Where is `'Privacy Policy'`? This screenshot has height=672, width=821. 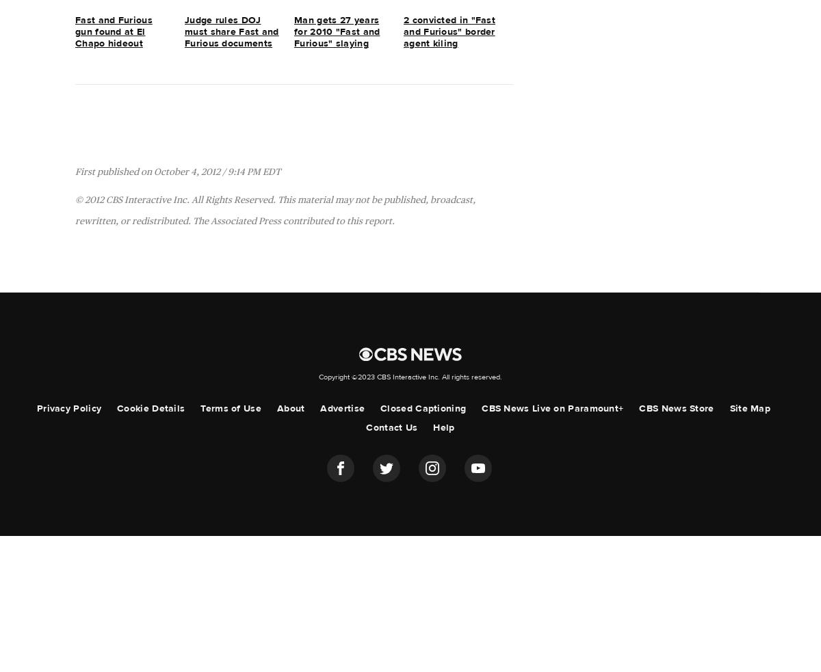
'Privacy Policy' is located at coordinates (68, 408).